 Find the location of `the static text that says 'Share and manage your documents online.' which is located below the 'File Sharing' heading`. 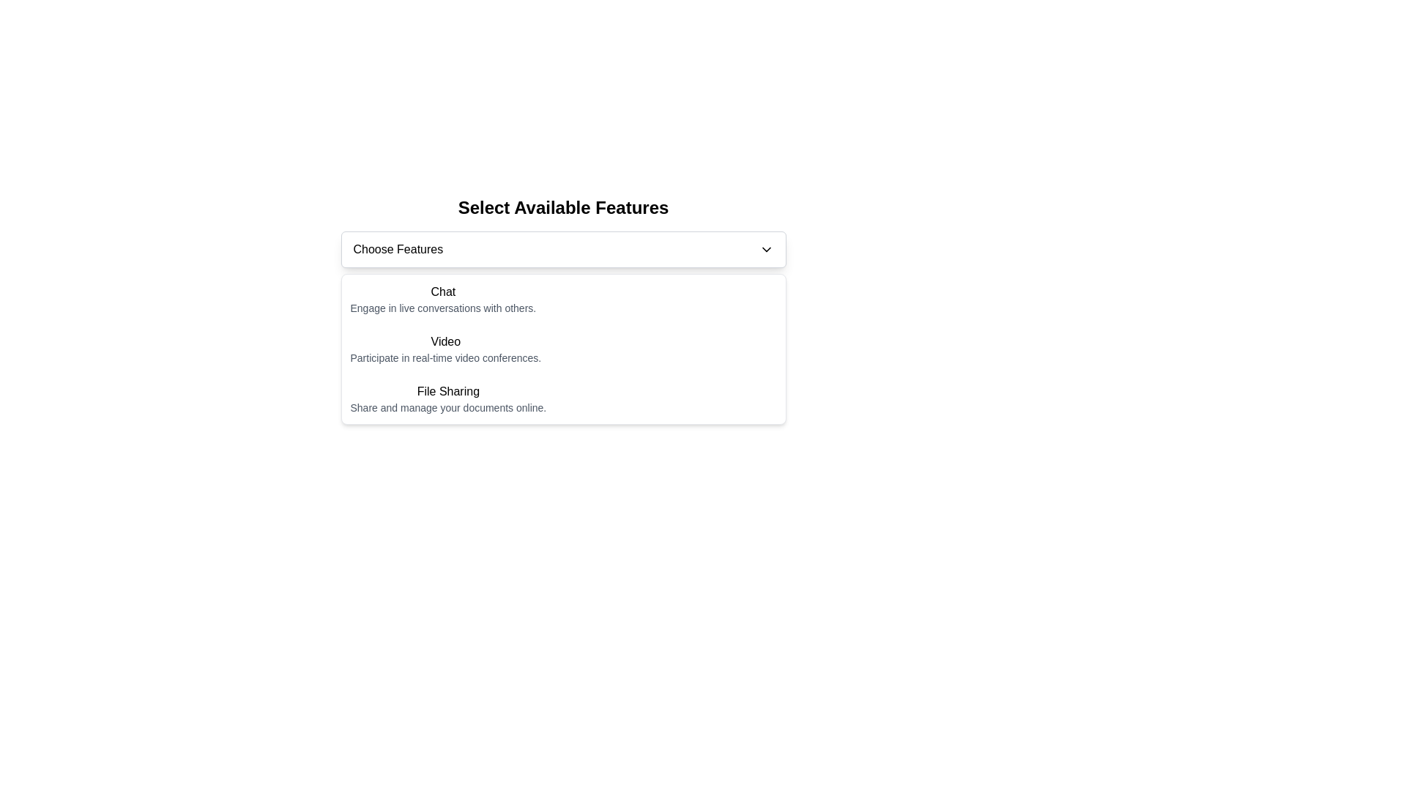

the static text that says 'Share and manage your documents online.' which is located below the 'File Sharing' heading is located at coordinates (447, 407).